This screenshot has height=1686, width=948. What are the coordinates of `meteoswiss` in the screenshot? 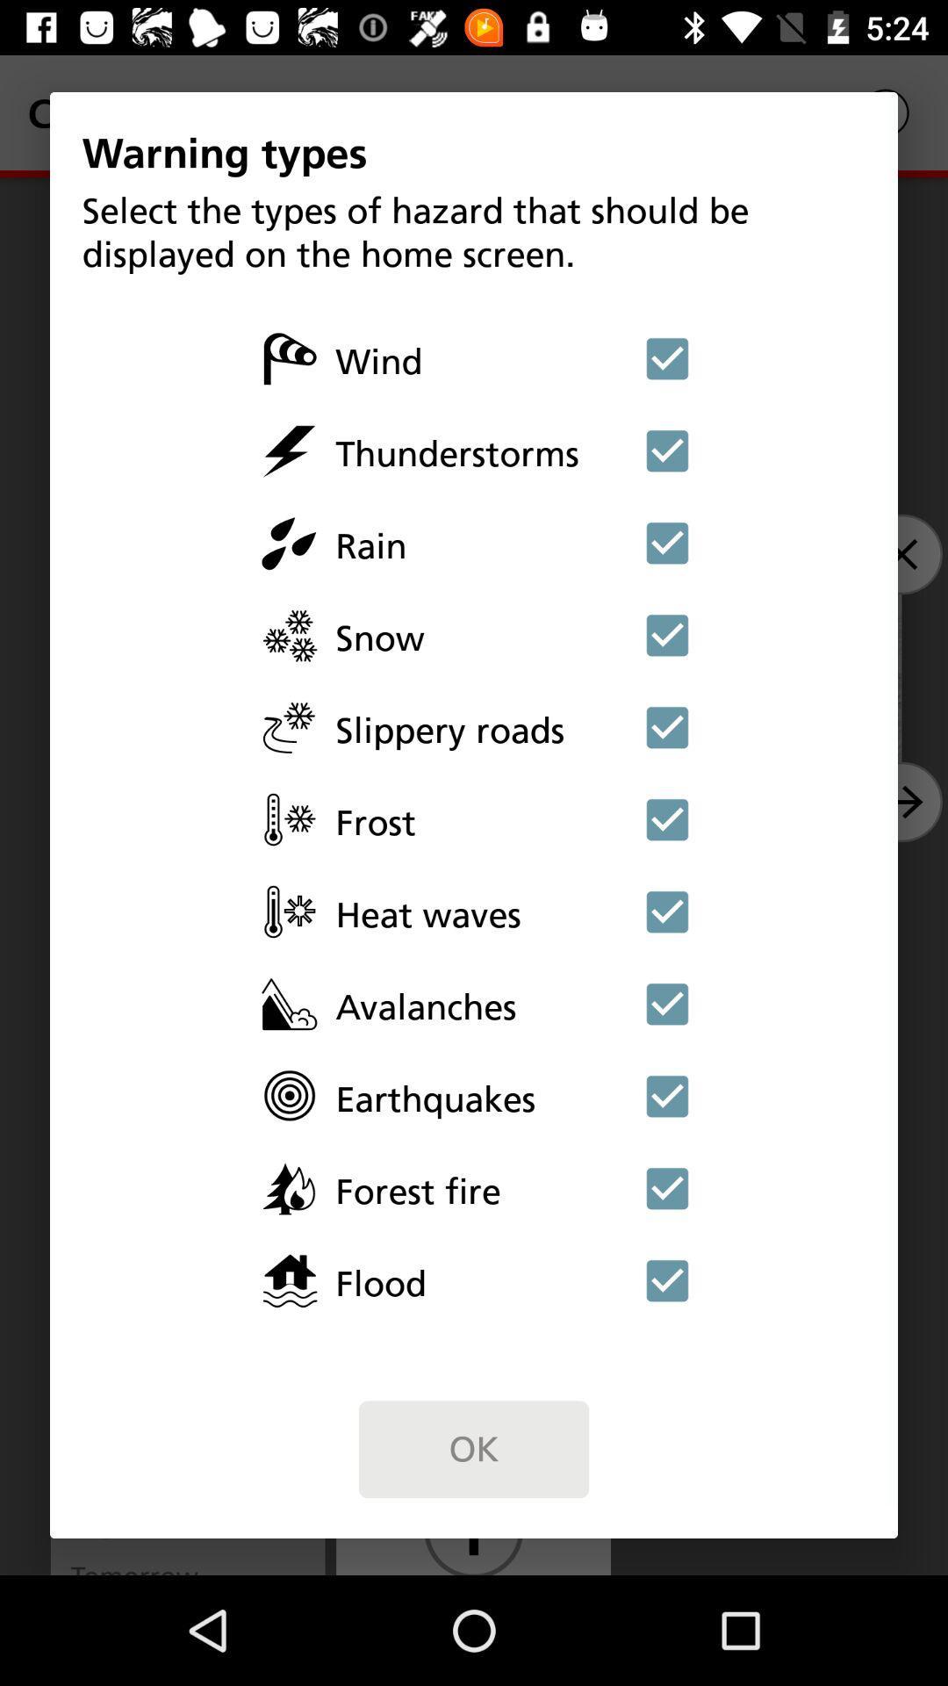 It's located at (667, 450).